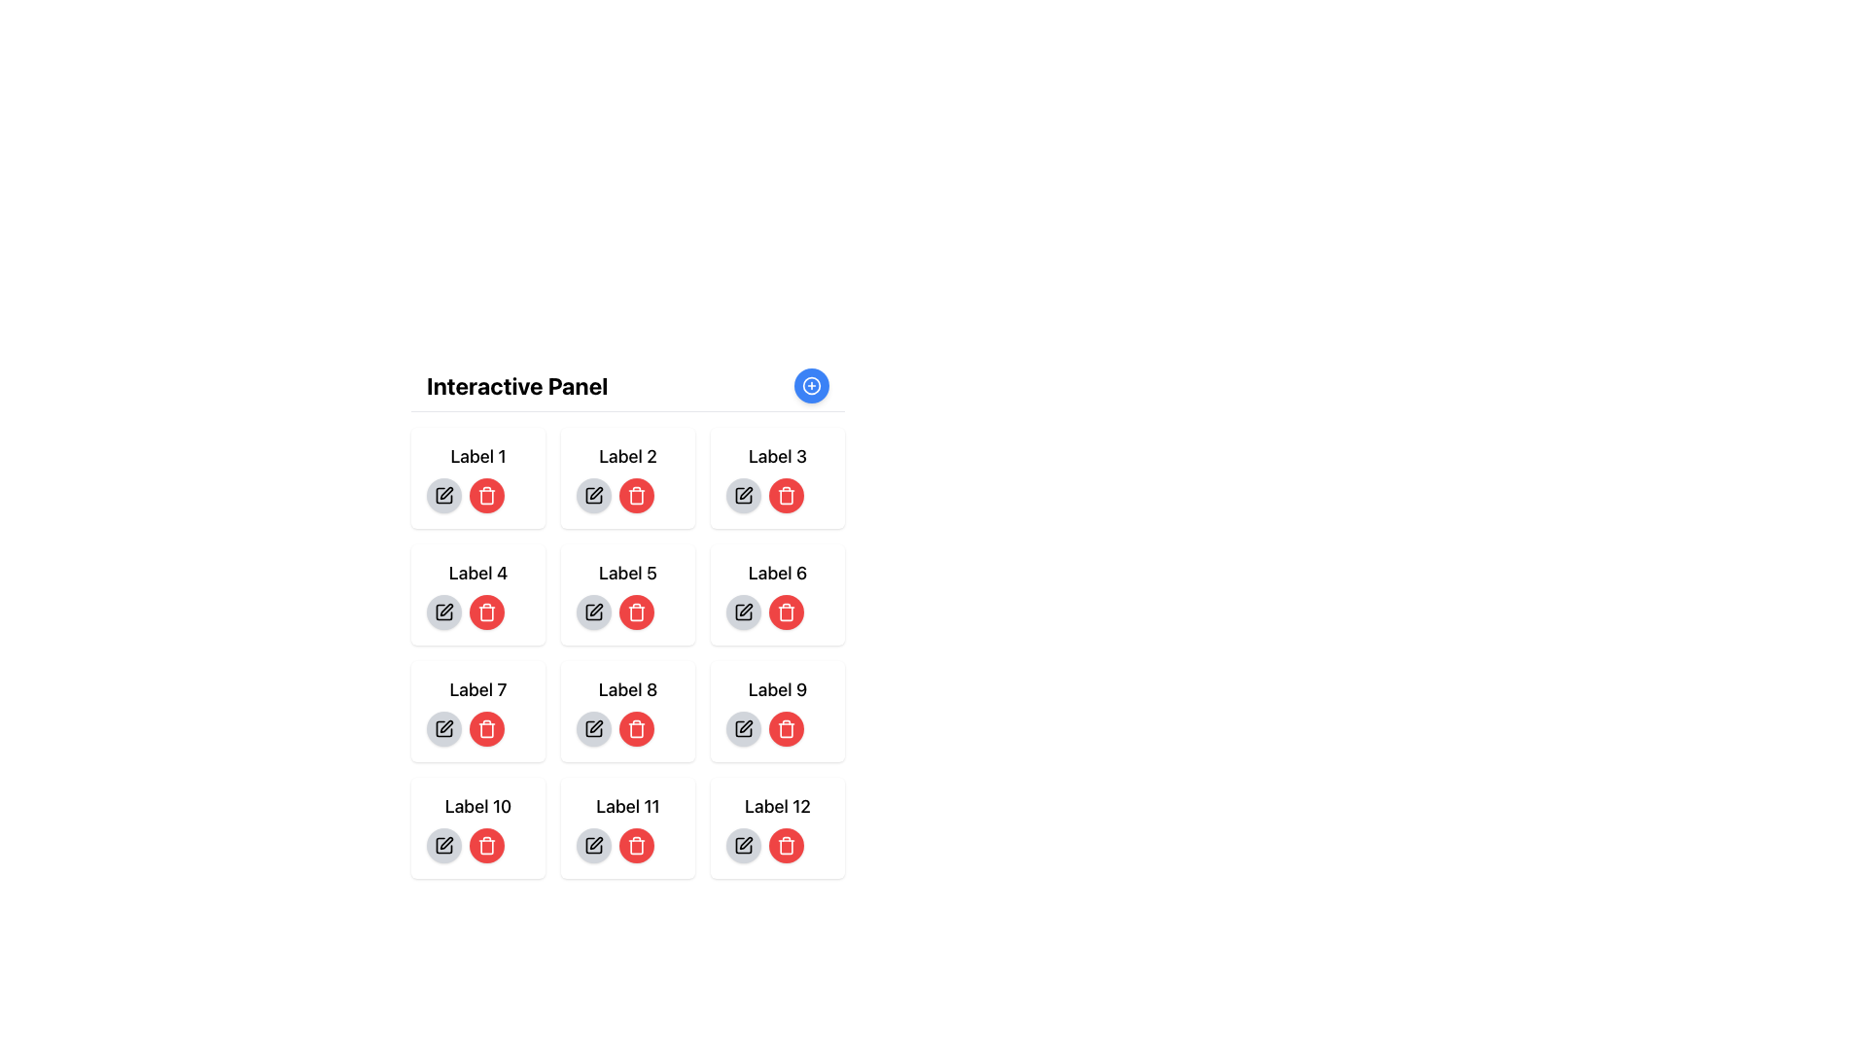 The width and height of the screenshot is (1867, 1050). Describe the element at coordinates (636, 728) in the screenshot. I see `the delete button located in the panel labeled 'Label 8', which is the rightmost button next to a gray circular button with a pencil icon, to initiate the deletion process` at that location.